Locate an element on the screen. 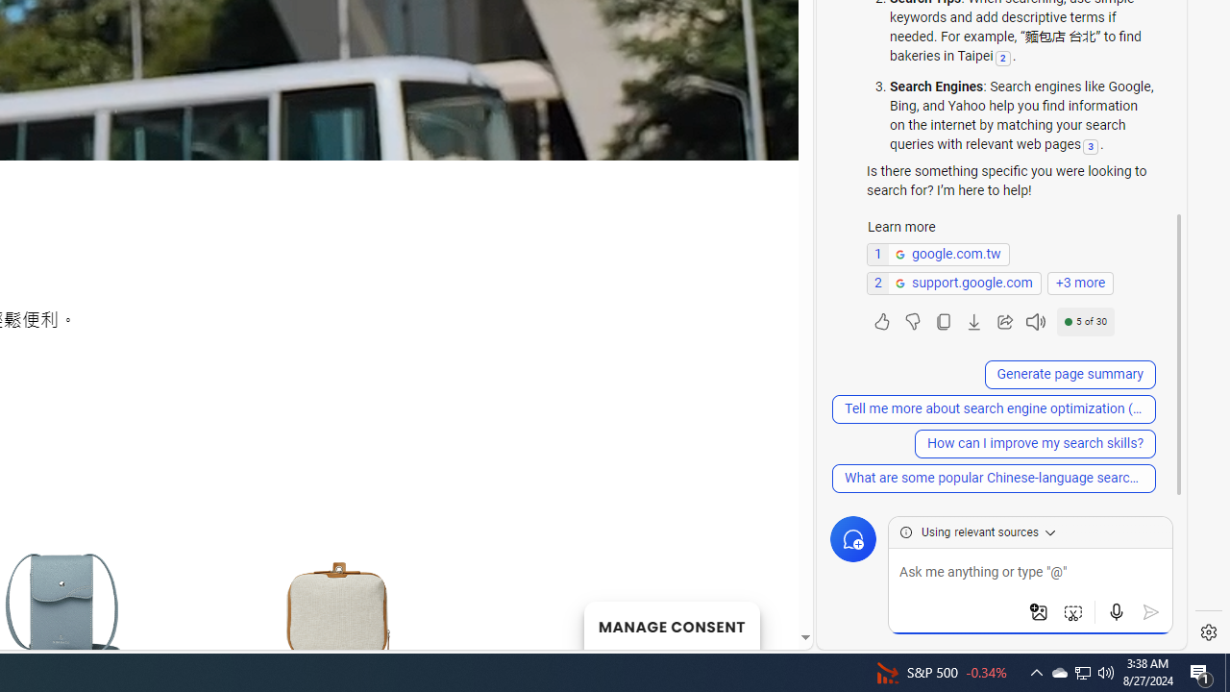 This screenshot has width=1230, height=692. 'MANAGE CONSENT' is located at coordinates (671, 625).